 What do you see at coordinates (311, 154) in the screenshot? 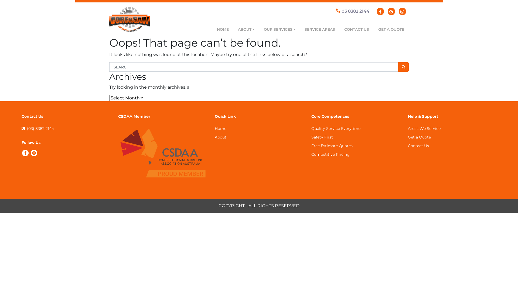
I see `'Competitive Pricing'` at bounding box center [311, 154].